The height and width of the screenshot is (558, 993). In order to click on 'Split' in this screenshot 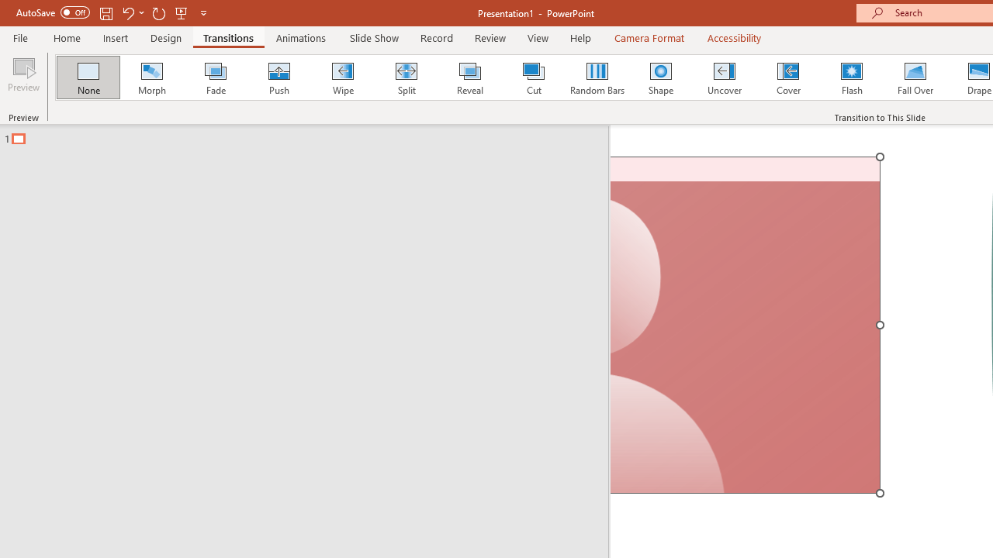, I will do `click(406, 77)`.